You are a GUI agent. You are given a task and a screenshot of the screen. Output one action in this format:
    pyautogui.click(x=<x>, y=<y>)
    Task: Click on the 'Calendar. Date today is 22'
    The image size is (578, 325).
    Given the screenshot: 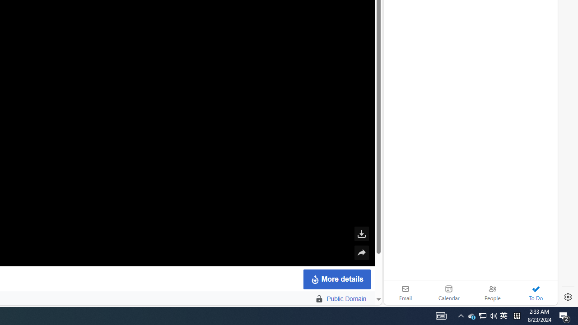 What is the action you would take?
    pyautogui.click(x=449, y=292)
    